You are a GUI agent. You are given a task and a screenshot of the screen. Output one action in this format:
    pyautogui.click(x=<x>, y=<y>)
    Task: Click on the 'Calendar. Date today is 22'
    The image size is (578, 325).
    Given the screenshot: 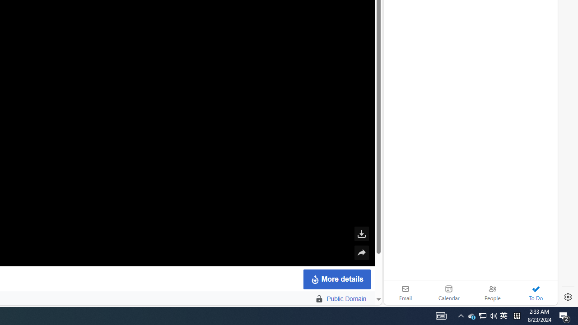 What is the action you would take?
    pyautogui.click(x=449, y=292)
    